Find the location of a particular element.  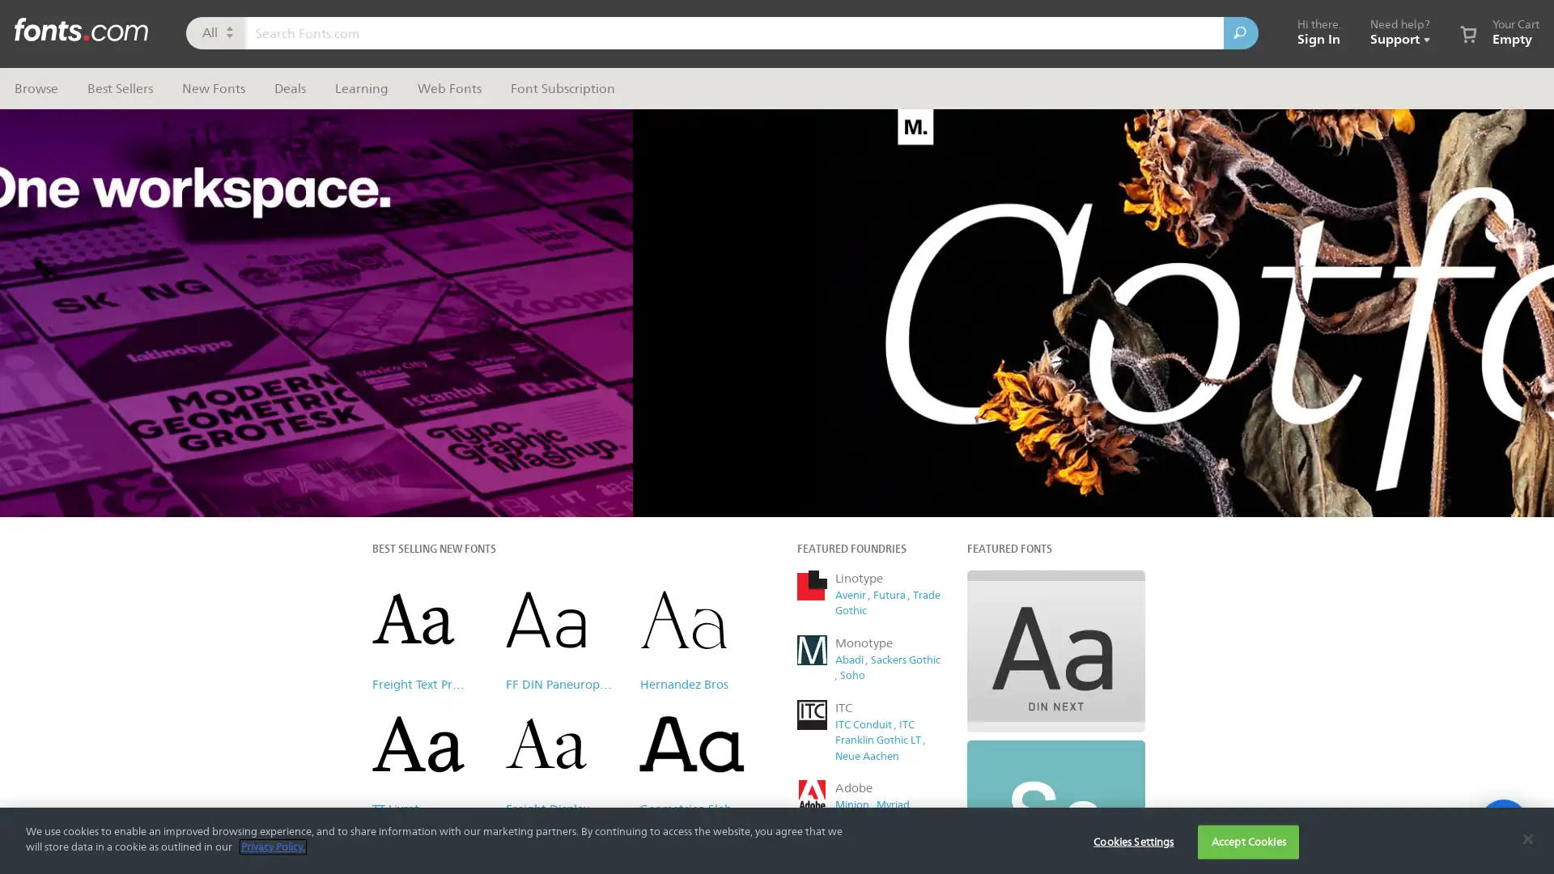

Close is located at coordinates (1081, 117).